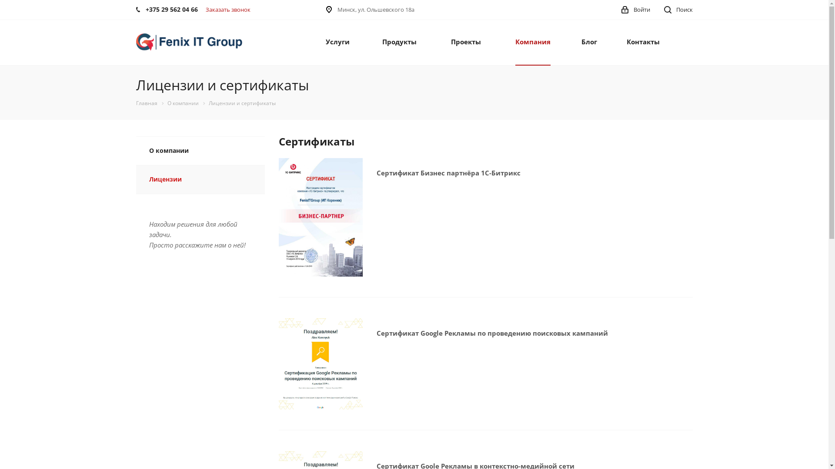 The height and width of the screenshot is (469, 835). Describe the element at coordinates (188, 42) in the screenshot. I see `'FenixITGroup'` at that location.